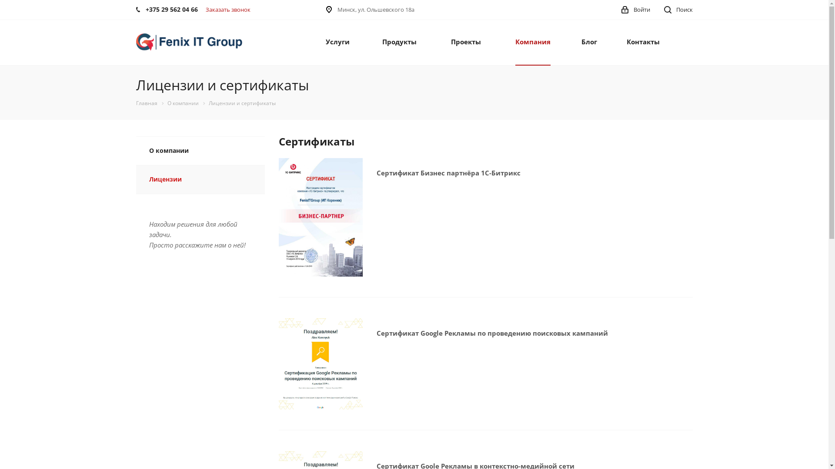 The height and width of the screenshot is (469, 835). Describe the element at coordinates (188, 42) in the screenshot. I see `'FenixITGroup'` at that location.